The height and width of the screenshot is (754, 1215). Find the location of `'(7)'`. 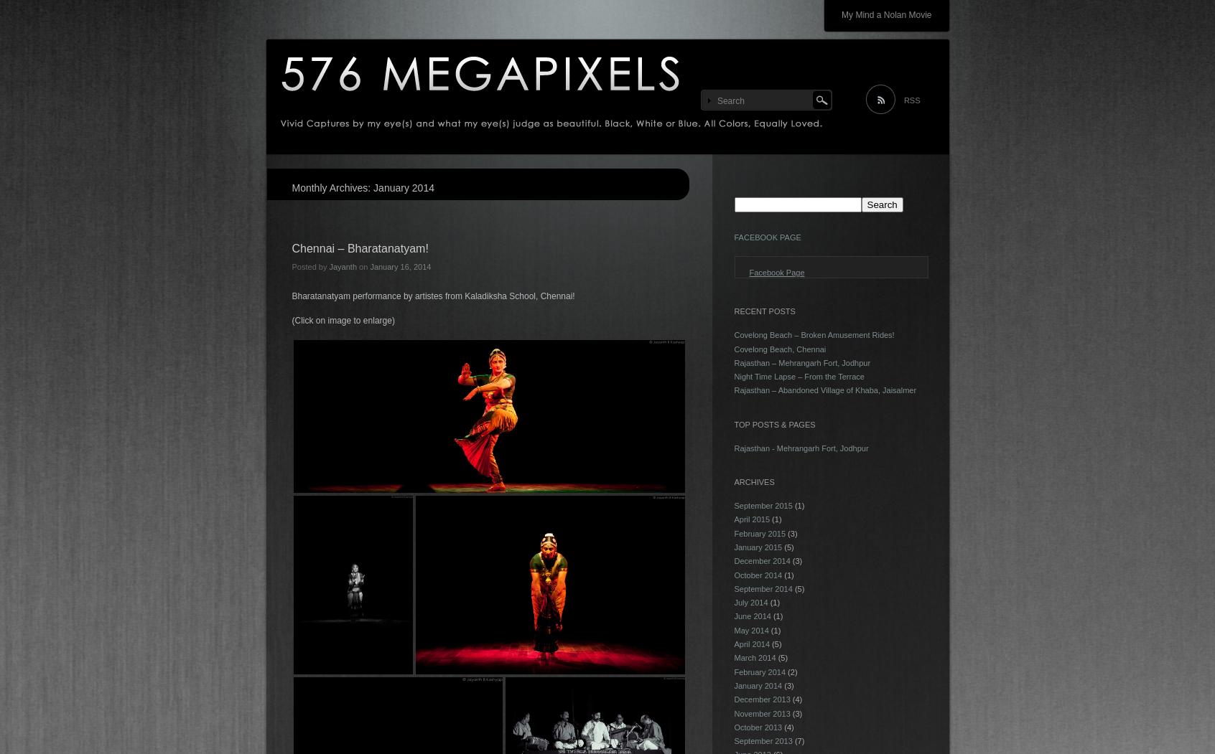

'(7)' is located at coordinates (798, 740).